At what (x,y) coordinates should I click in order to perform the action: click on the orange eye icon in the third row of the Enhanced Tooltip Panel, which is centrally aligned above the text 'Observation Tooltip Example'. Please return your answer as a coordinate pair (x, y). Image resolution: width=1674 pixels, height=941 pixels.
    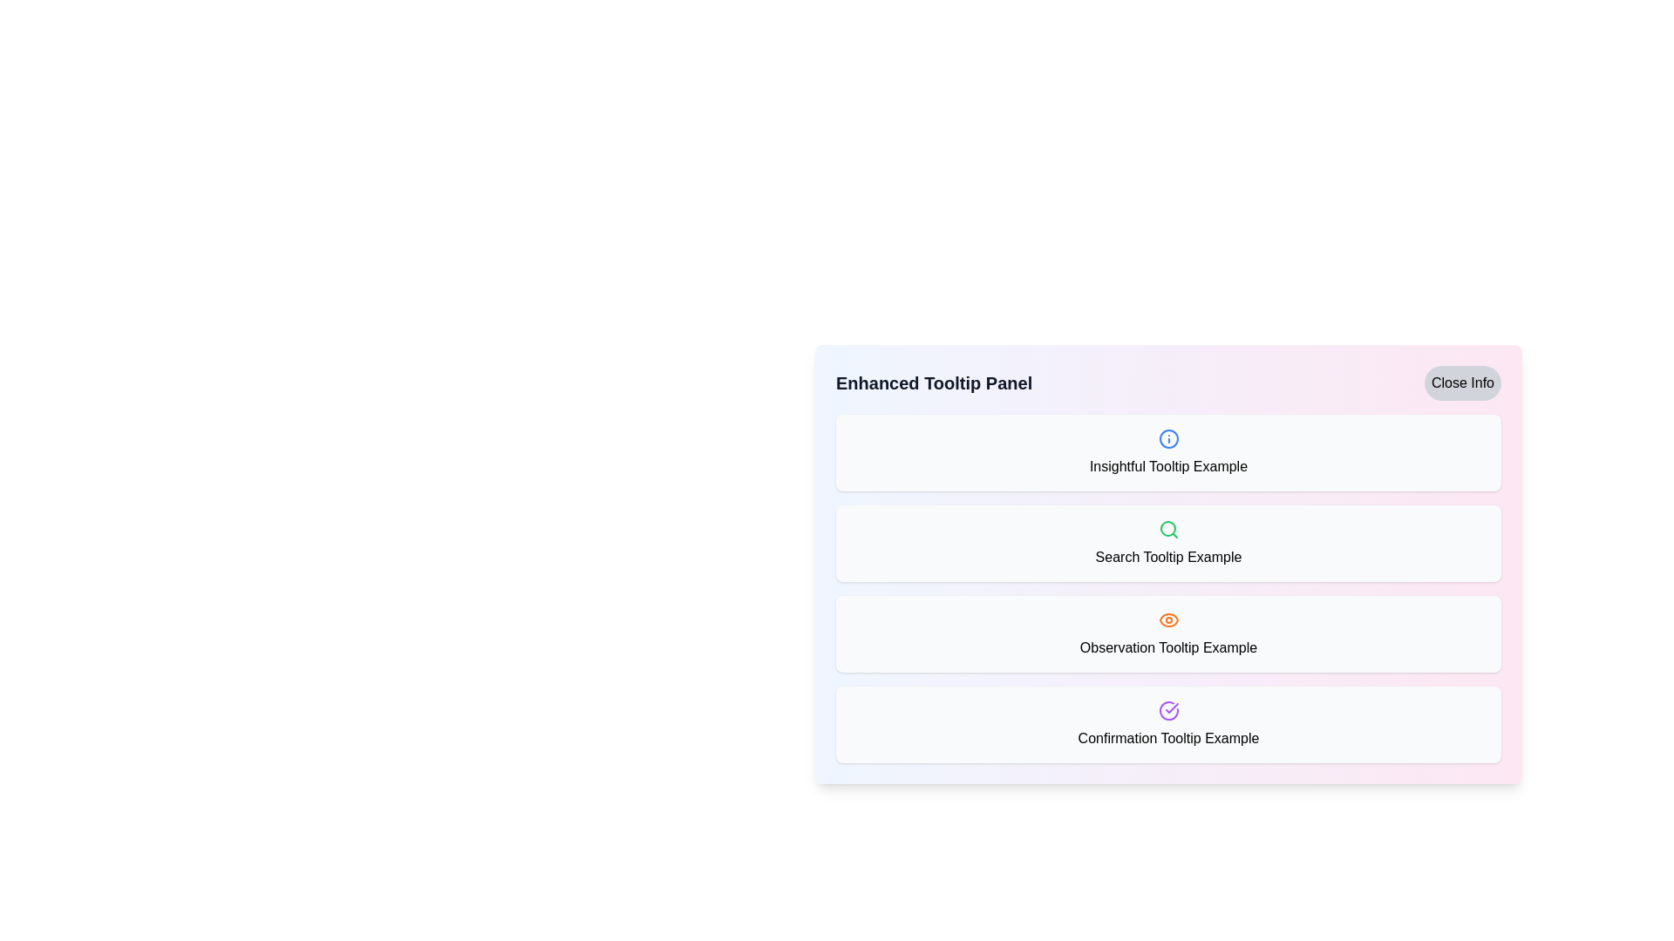
    Looking at the image, I should click on (1168, 619).